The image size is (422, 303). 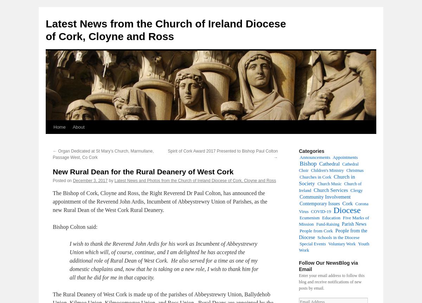 I want to click on 'Latest News and Photos from the Church of Ireland Diocese of Cork, Cloyne and Ross', so click(x=195, y=180).